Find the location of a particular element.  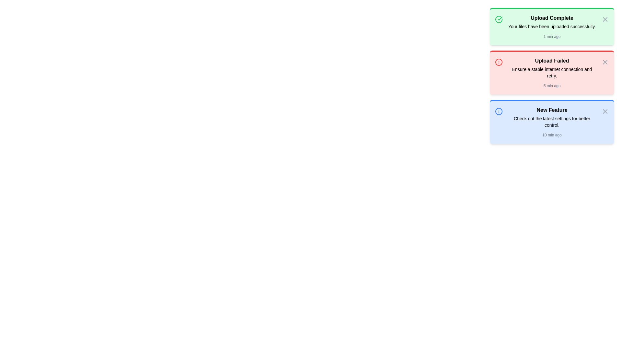

the icon button located at the top-right corner of the 'Upload Complete' notification card to change its color is located at coordinates (605, 19).